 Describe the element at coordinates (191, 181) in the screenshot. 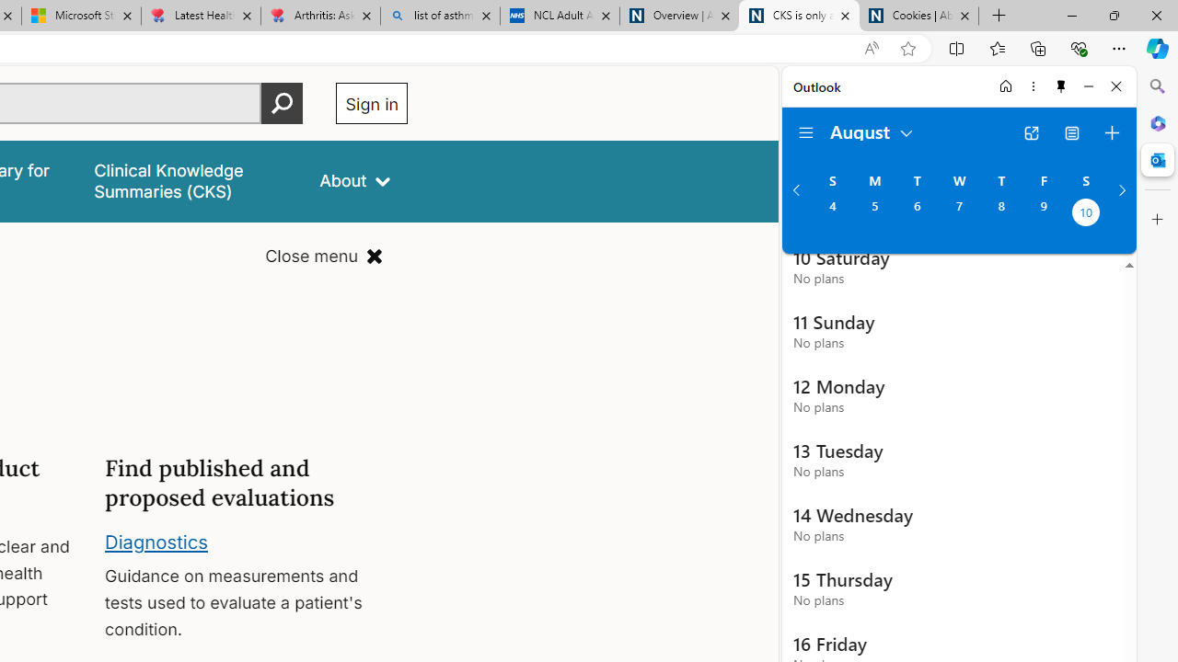

I see `'false'` at that location.